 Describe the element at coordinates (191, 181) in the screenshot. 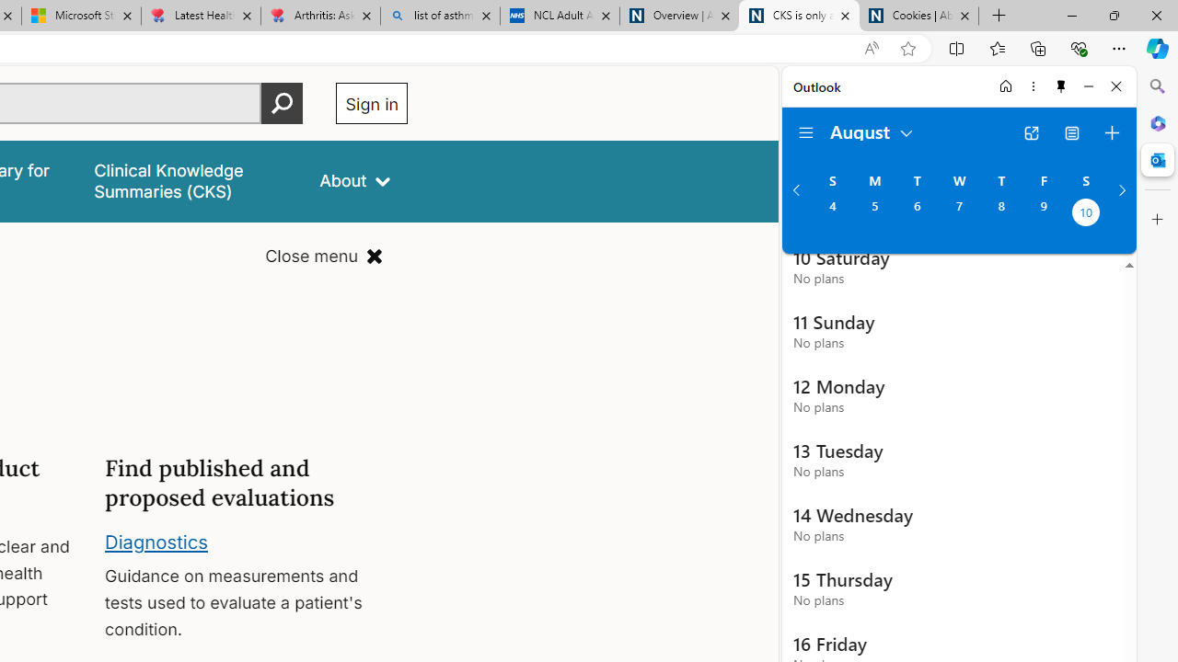

I see `'false'` at that location.